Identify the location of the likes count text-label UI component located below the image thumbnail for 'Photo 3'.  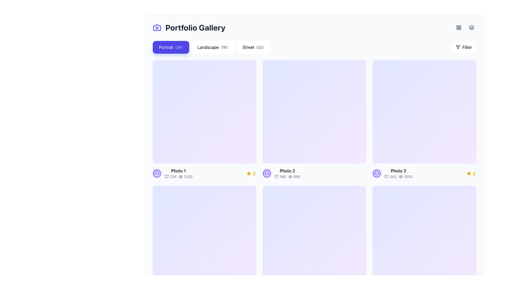
(390, 177).